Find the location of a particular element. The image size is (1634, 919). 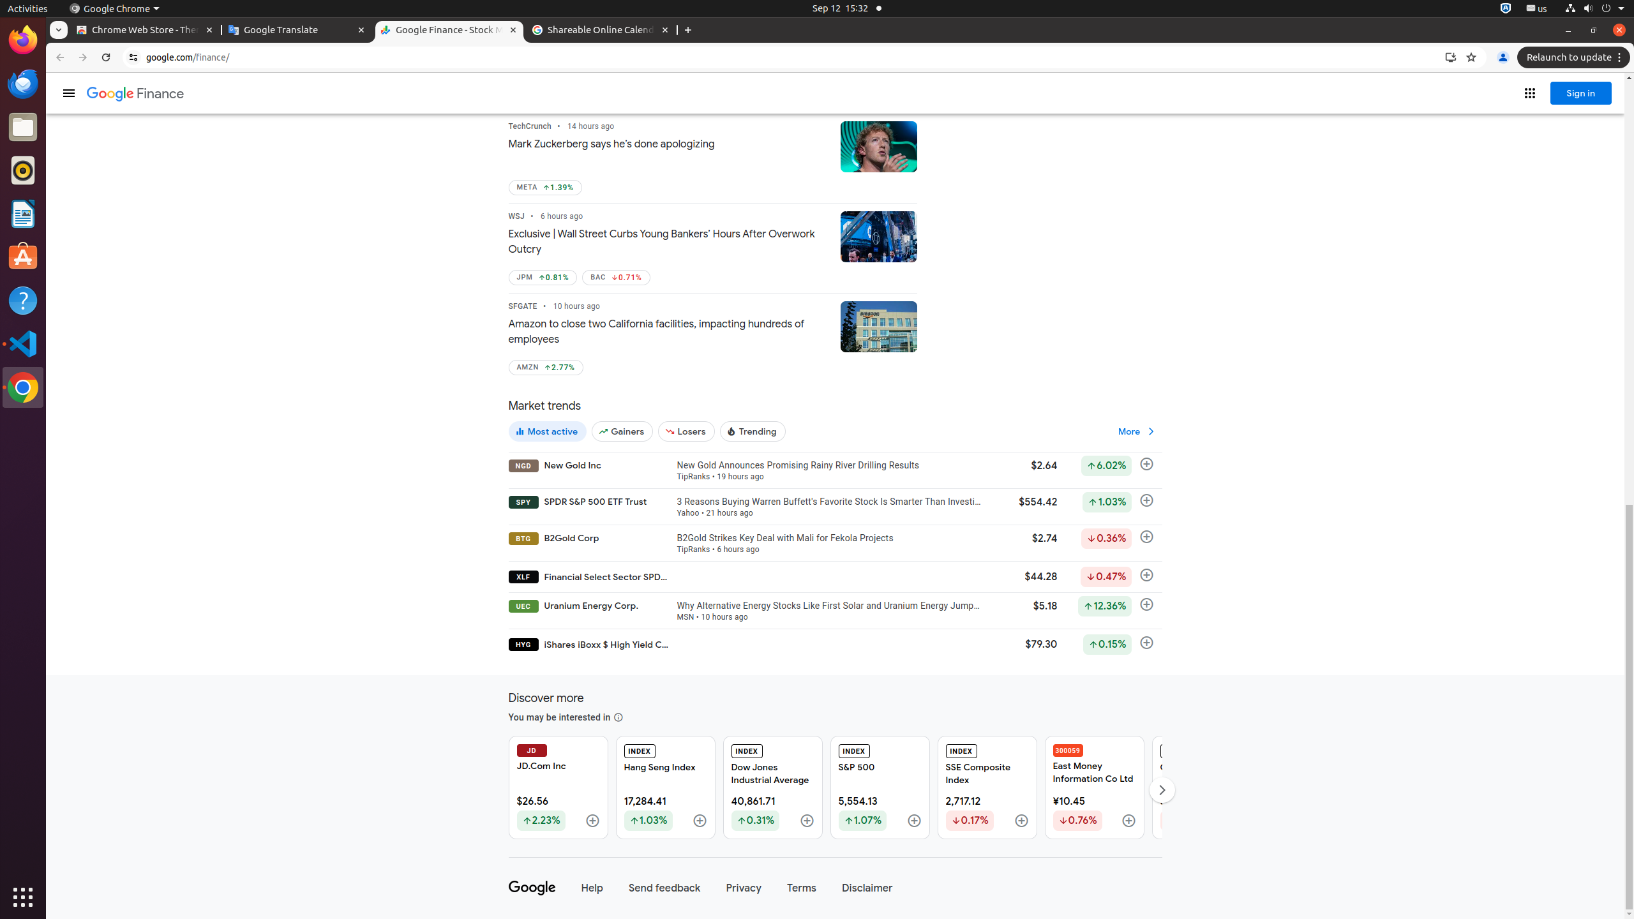

'Relaunch to update' is located at coordinates (1575, 57).